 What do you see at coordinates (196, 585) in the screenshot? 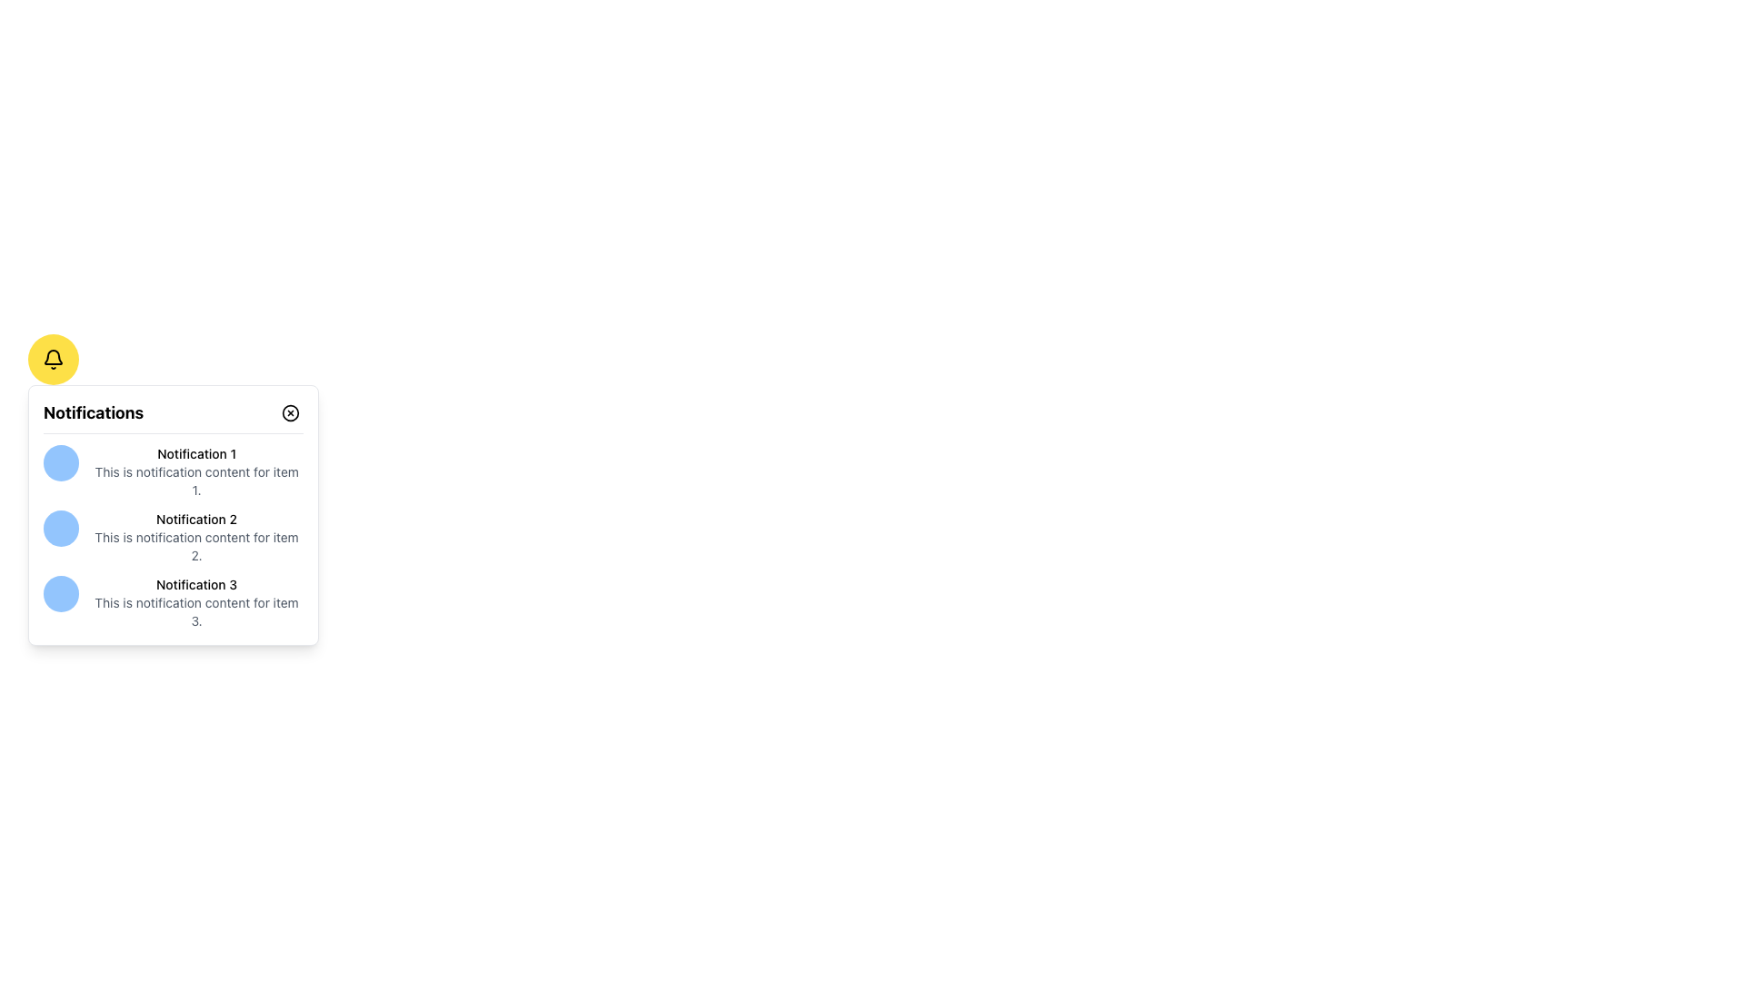
I see `the label for the third notification in the notification panel, which serves as the title for that notification` at bounding box center [196, 585].